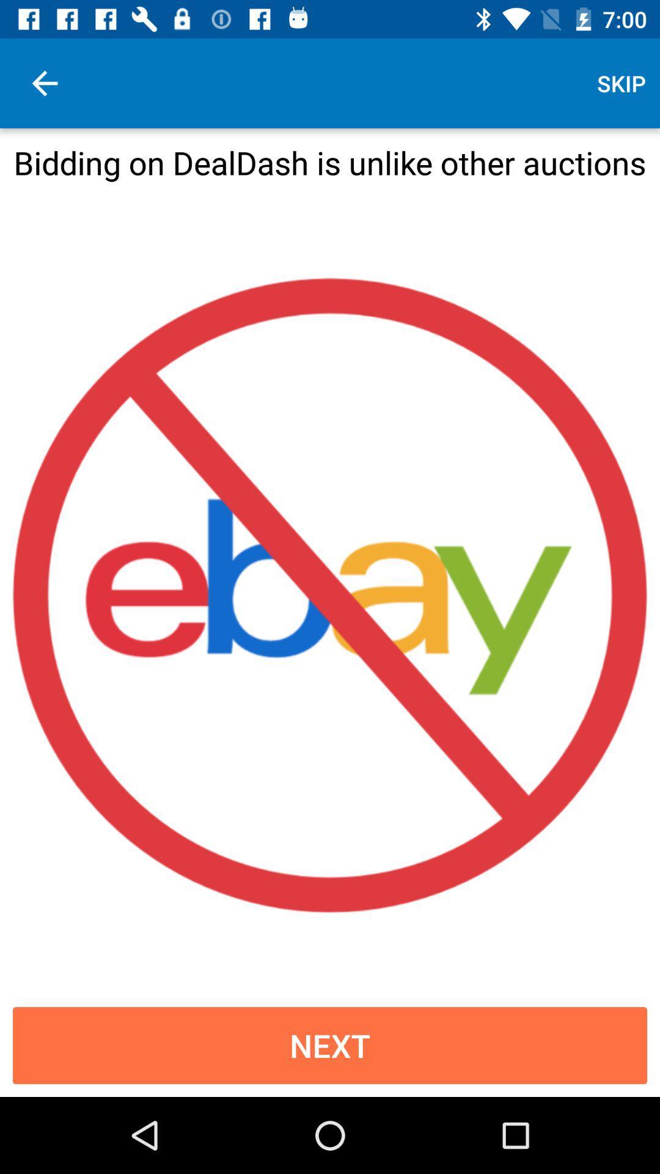 The height and width of the screenshot is (1174, 660). What do you see at coordinates (330, 1044) in the screenshot?
I see `next icon` at bounding box center [330, 1044].